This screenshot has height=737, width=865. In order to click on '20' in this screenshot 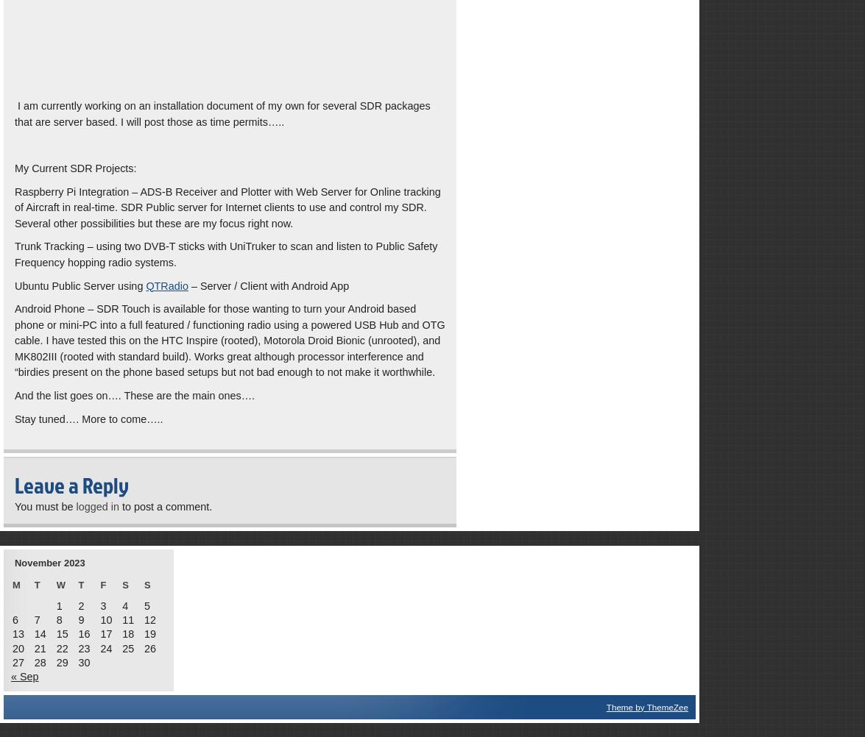, I will do `click(18, 647)`.